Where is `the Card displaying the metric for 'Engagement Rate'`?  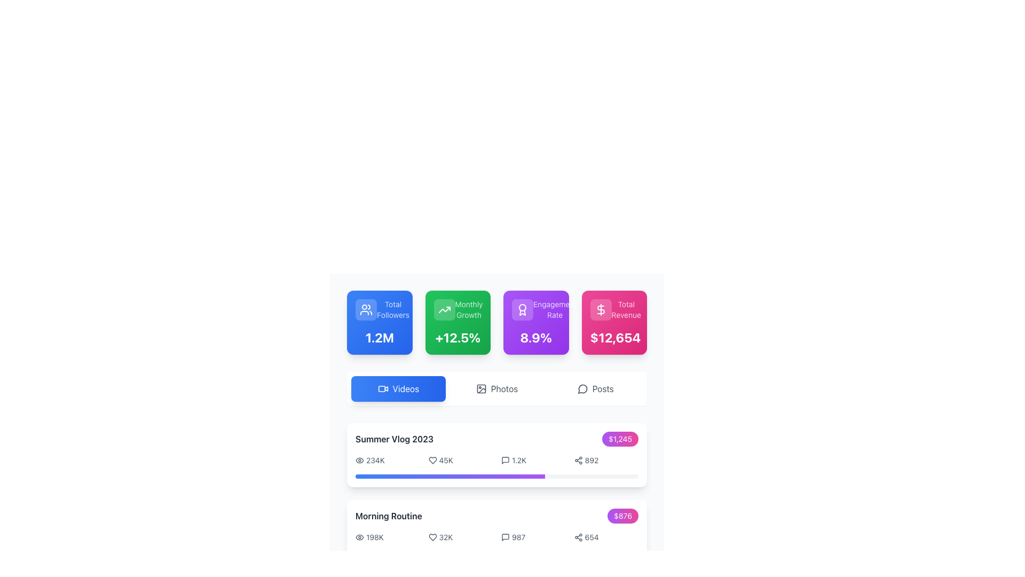
the Card displaying the metric for 'Engagement Rate' is located at coordinates (536, 322).